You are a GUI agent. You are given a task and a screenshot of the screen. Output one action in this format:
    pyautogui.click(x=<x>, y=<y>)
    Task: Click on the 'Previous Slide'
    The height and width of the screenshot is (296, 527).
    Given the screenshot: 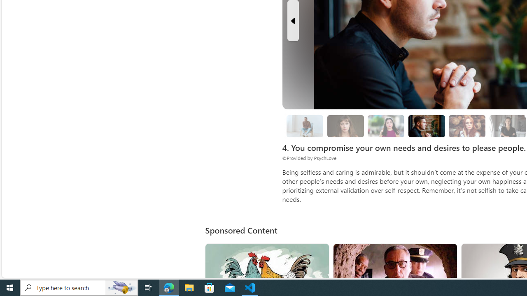 What is the action you would take?
    pyautogui.click(x=293, y=20)
    